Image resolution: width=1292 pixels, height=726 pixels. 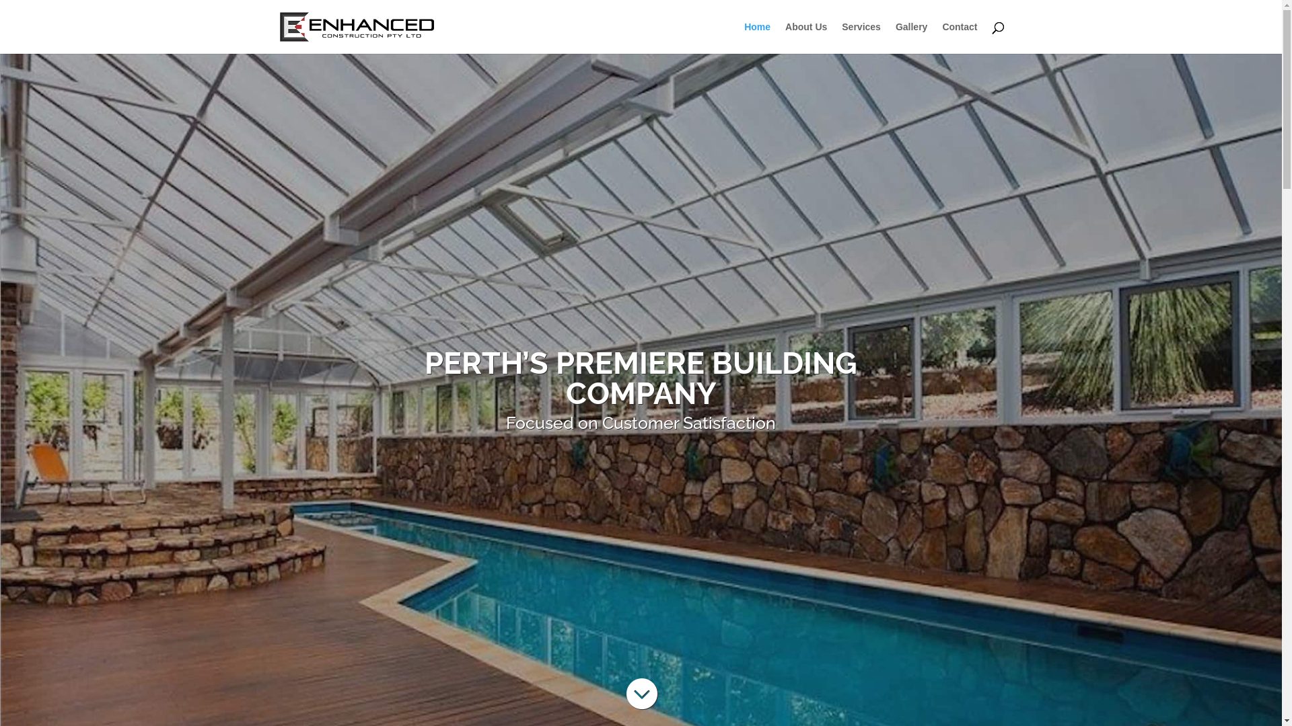 I want to click on 'About Us', so click(x=785, y=37).